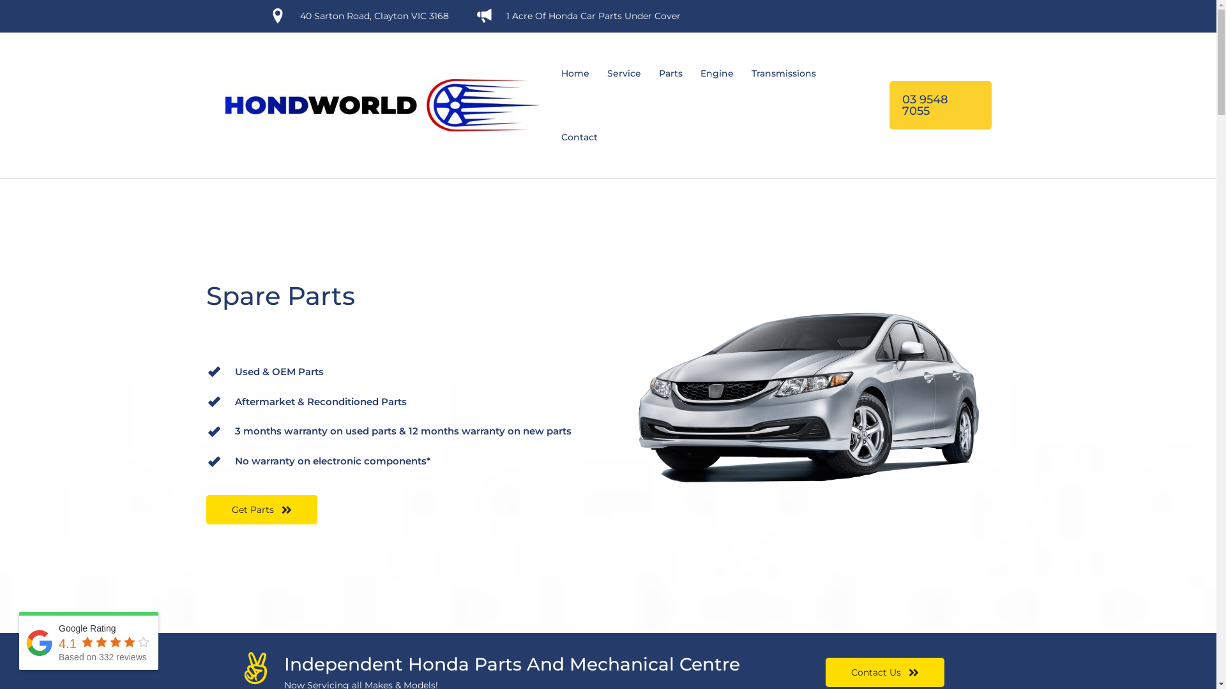 The height and width of the screenshot is (689, 1226). Describe the element at coordinates (716, 73) in the screenshot. I see `'Engine'` at that location.